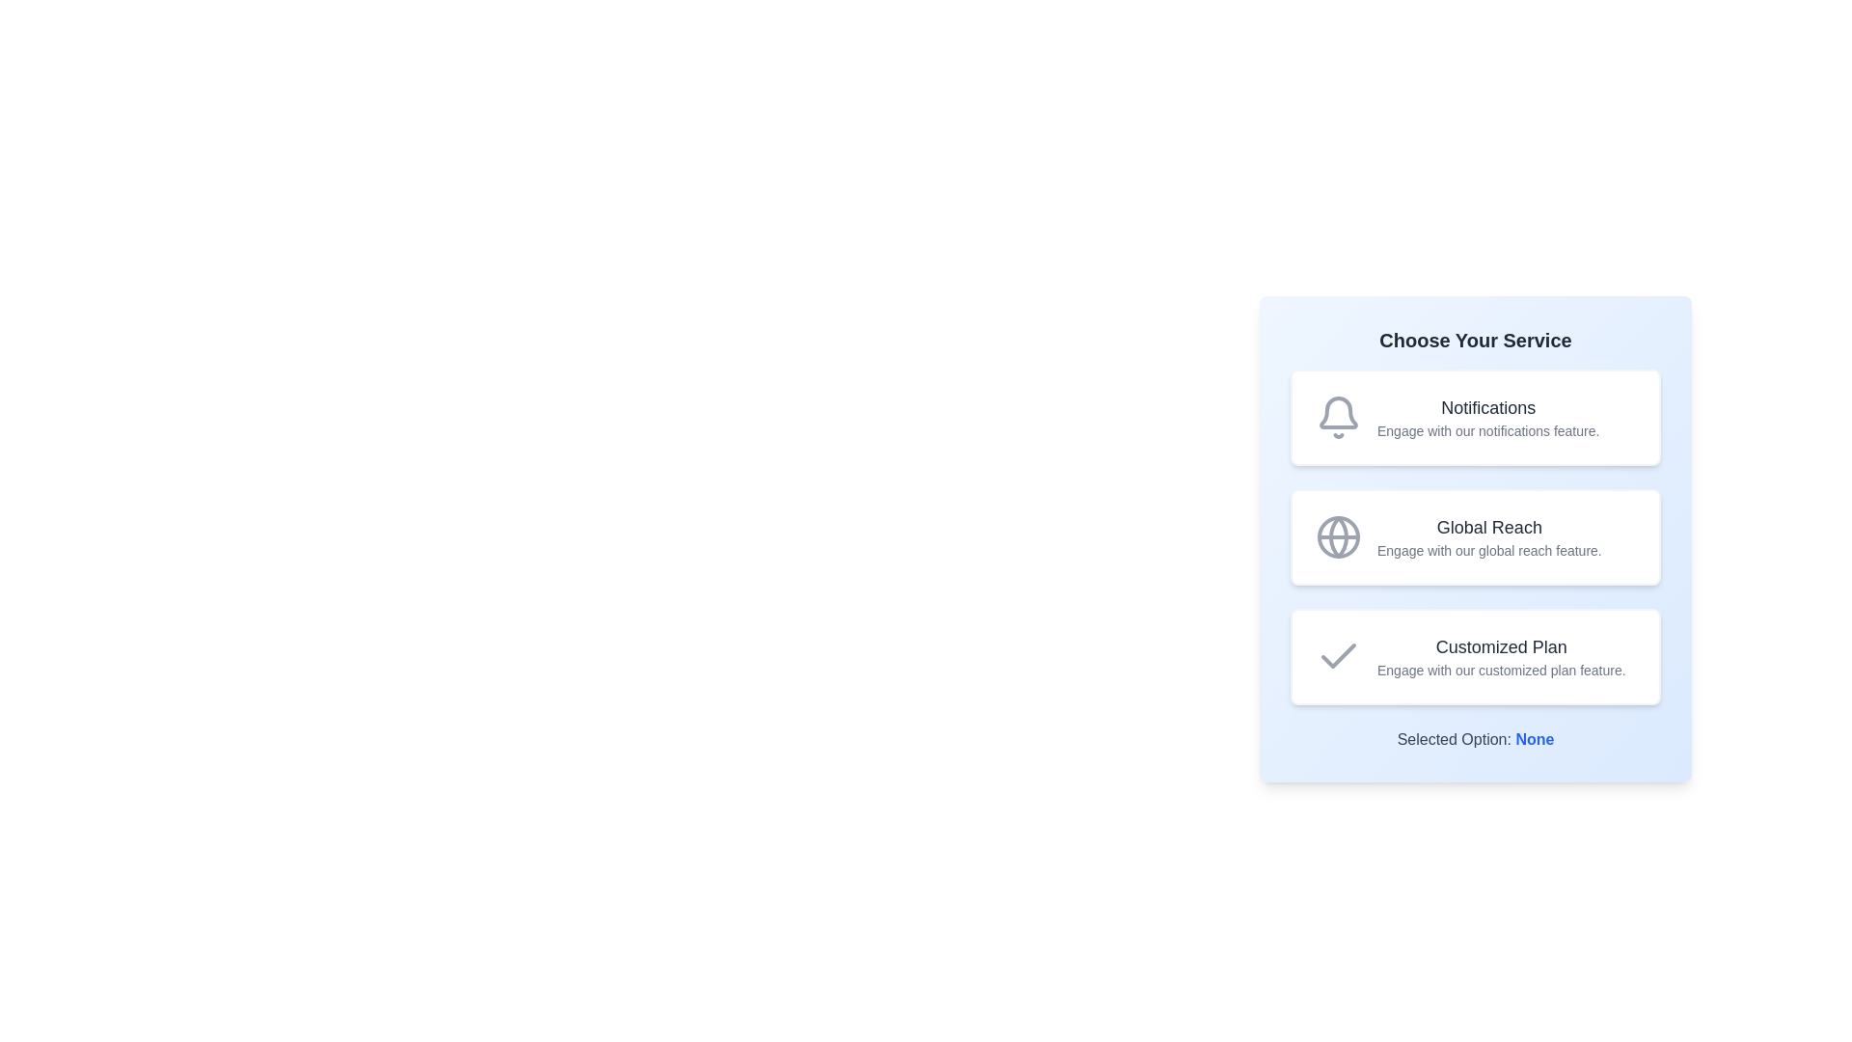 The height and width of the screenshot is (1042, 1852). What do you see at coordinates (1500, 647) in the screenshot?
I see `the 'Customized Plan' label element, which is located within the third option group under 'Choose Your Service'` at bounding box center [1500, 647].